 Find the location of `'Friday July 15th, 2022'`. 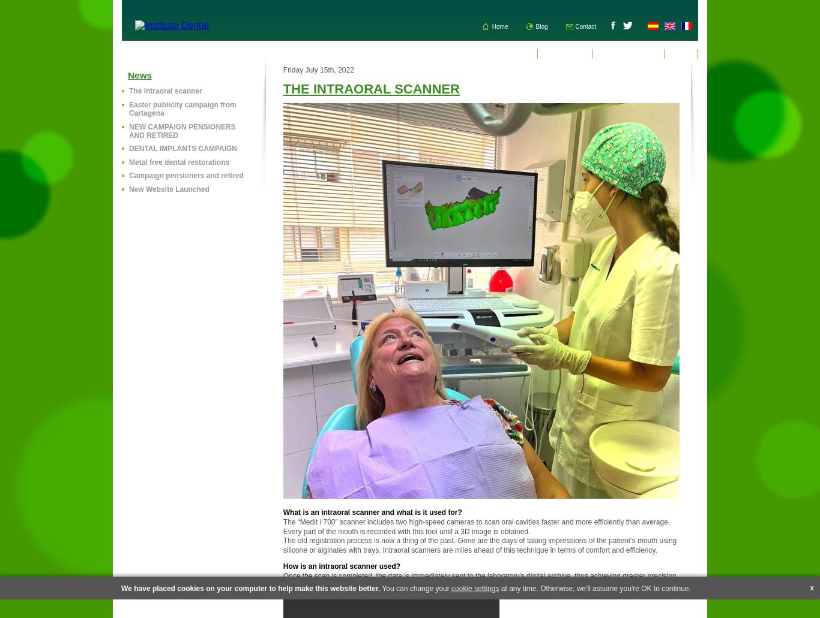

'Friday July 15th, 2022' is located at coordinates (318, 70).